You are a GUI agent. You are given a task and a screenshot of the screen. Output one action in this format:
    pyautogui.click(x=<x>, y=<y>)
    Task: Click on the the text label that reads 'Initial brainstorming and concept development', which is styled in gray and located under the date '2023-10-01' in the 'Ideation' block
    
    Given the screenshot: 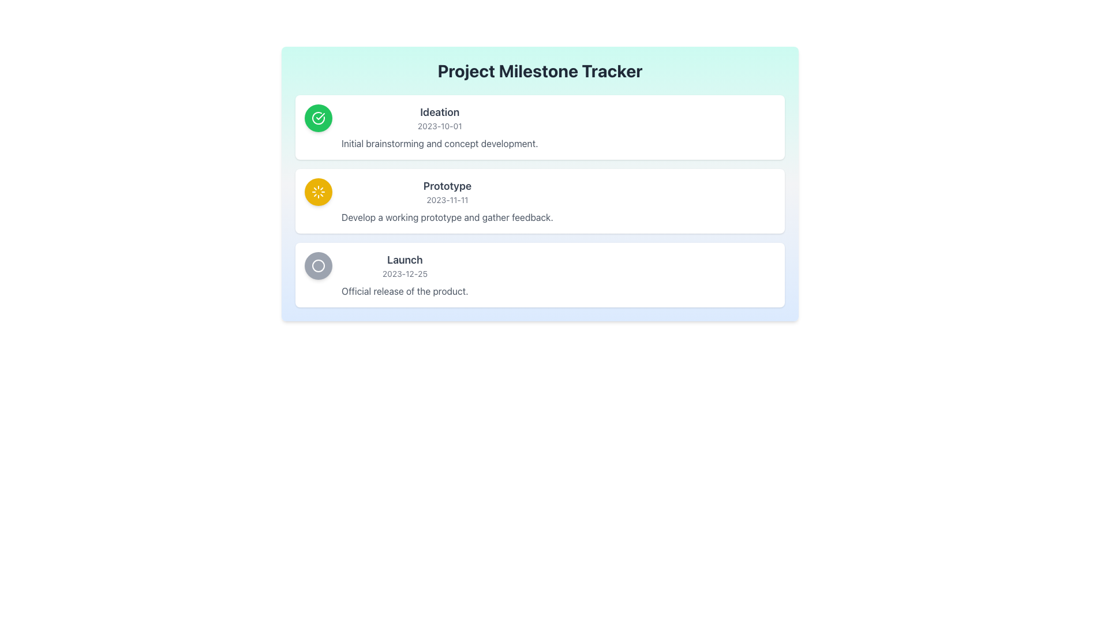 What is the action you would take?
    pyautogui.click(x=439, y=143)
    